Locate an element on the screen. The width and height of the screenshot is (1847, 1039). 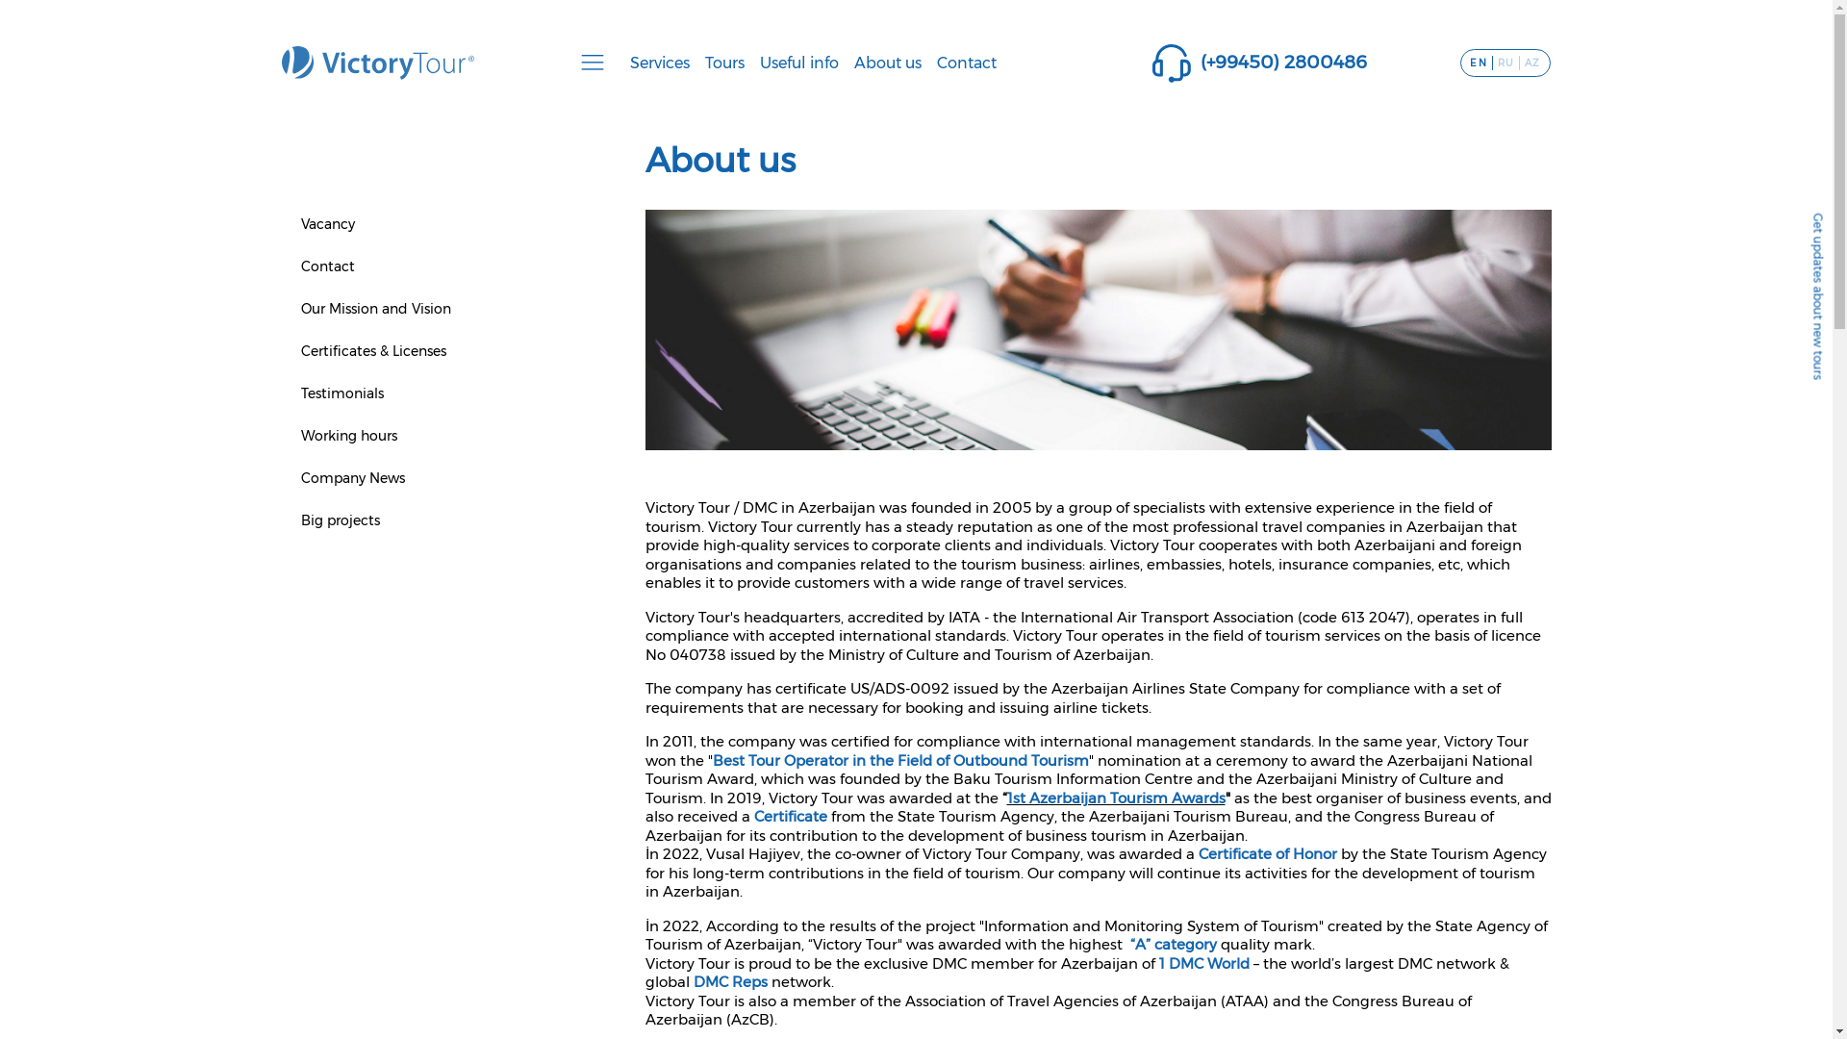
'Working hours' is located at coordinates (347, 435).